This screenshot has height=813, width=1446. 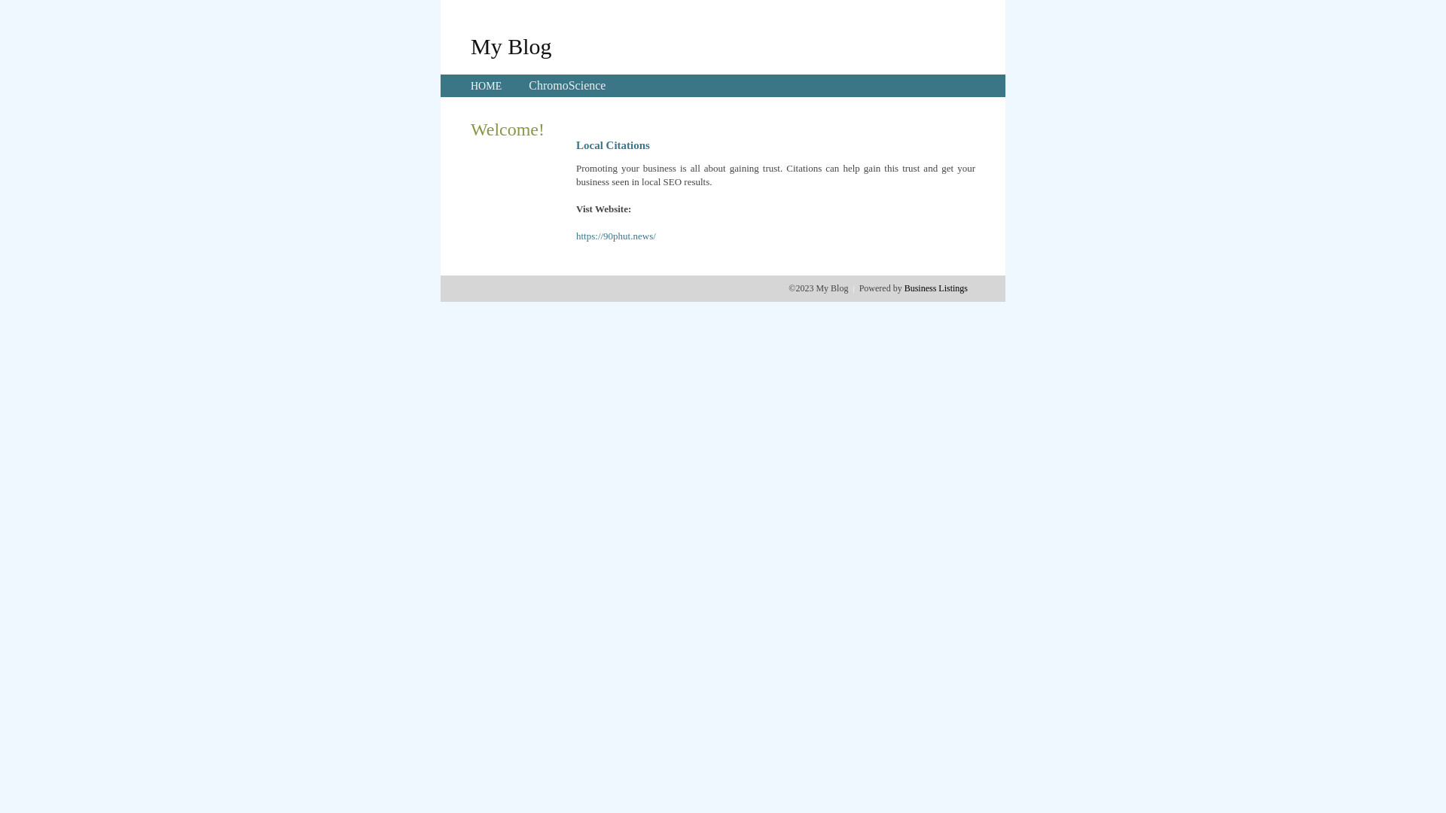 I want to click on 'My Blog', so click(x=469, y=45).